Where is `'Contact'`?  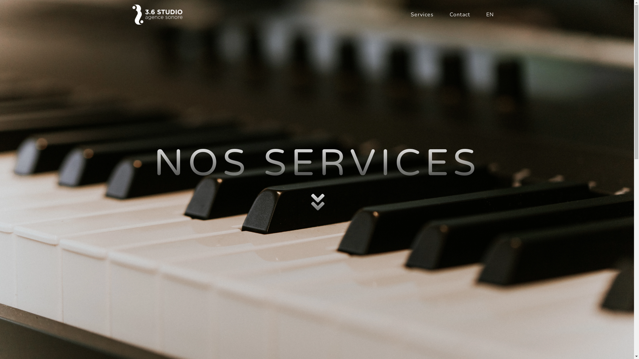 'Contact' is located at coordinates (459, 14).